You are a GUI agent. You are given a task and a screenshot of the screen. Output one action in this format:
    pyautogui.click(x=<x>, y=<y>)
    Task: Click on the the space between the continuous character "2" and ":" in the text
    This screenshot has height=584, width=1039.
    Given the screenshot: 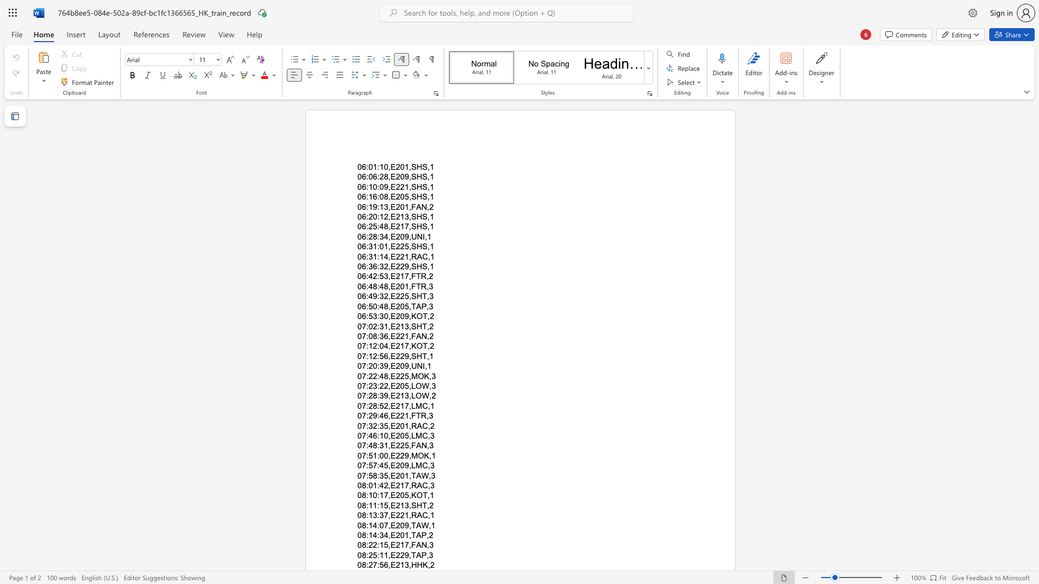 What is the action you would take?
    pyautogui.click(x=377, y=545)
    